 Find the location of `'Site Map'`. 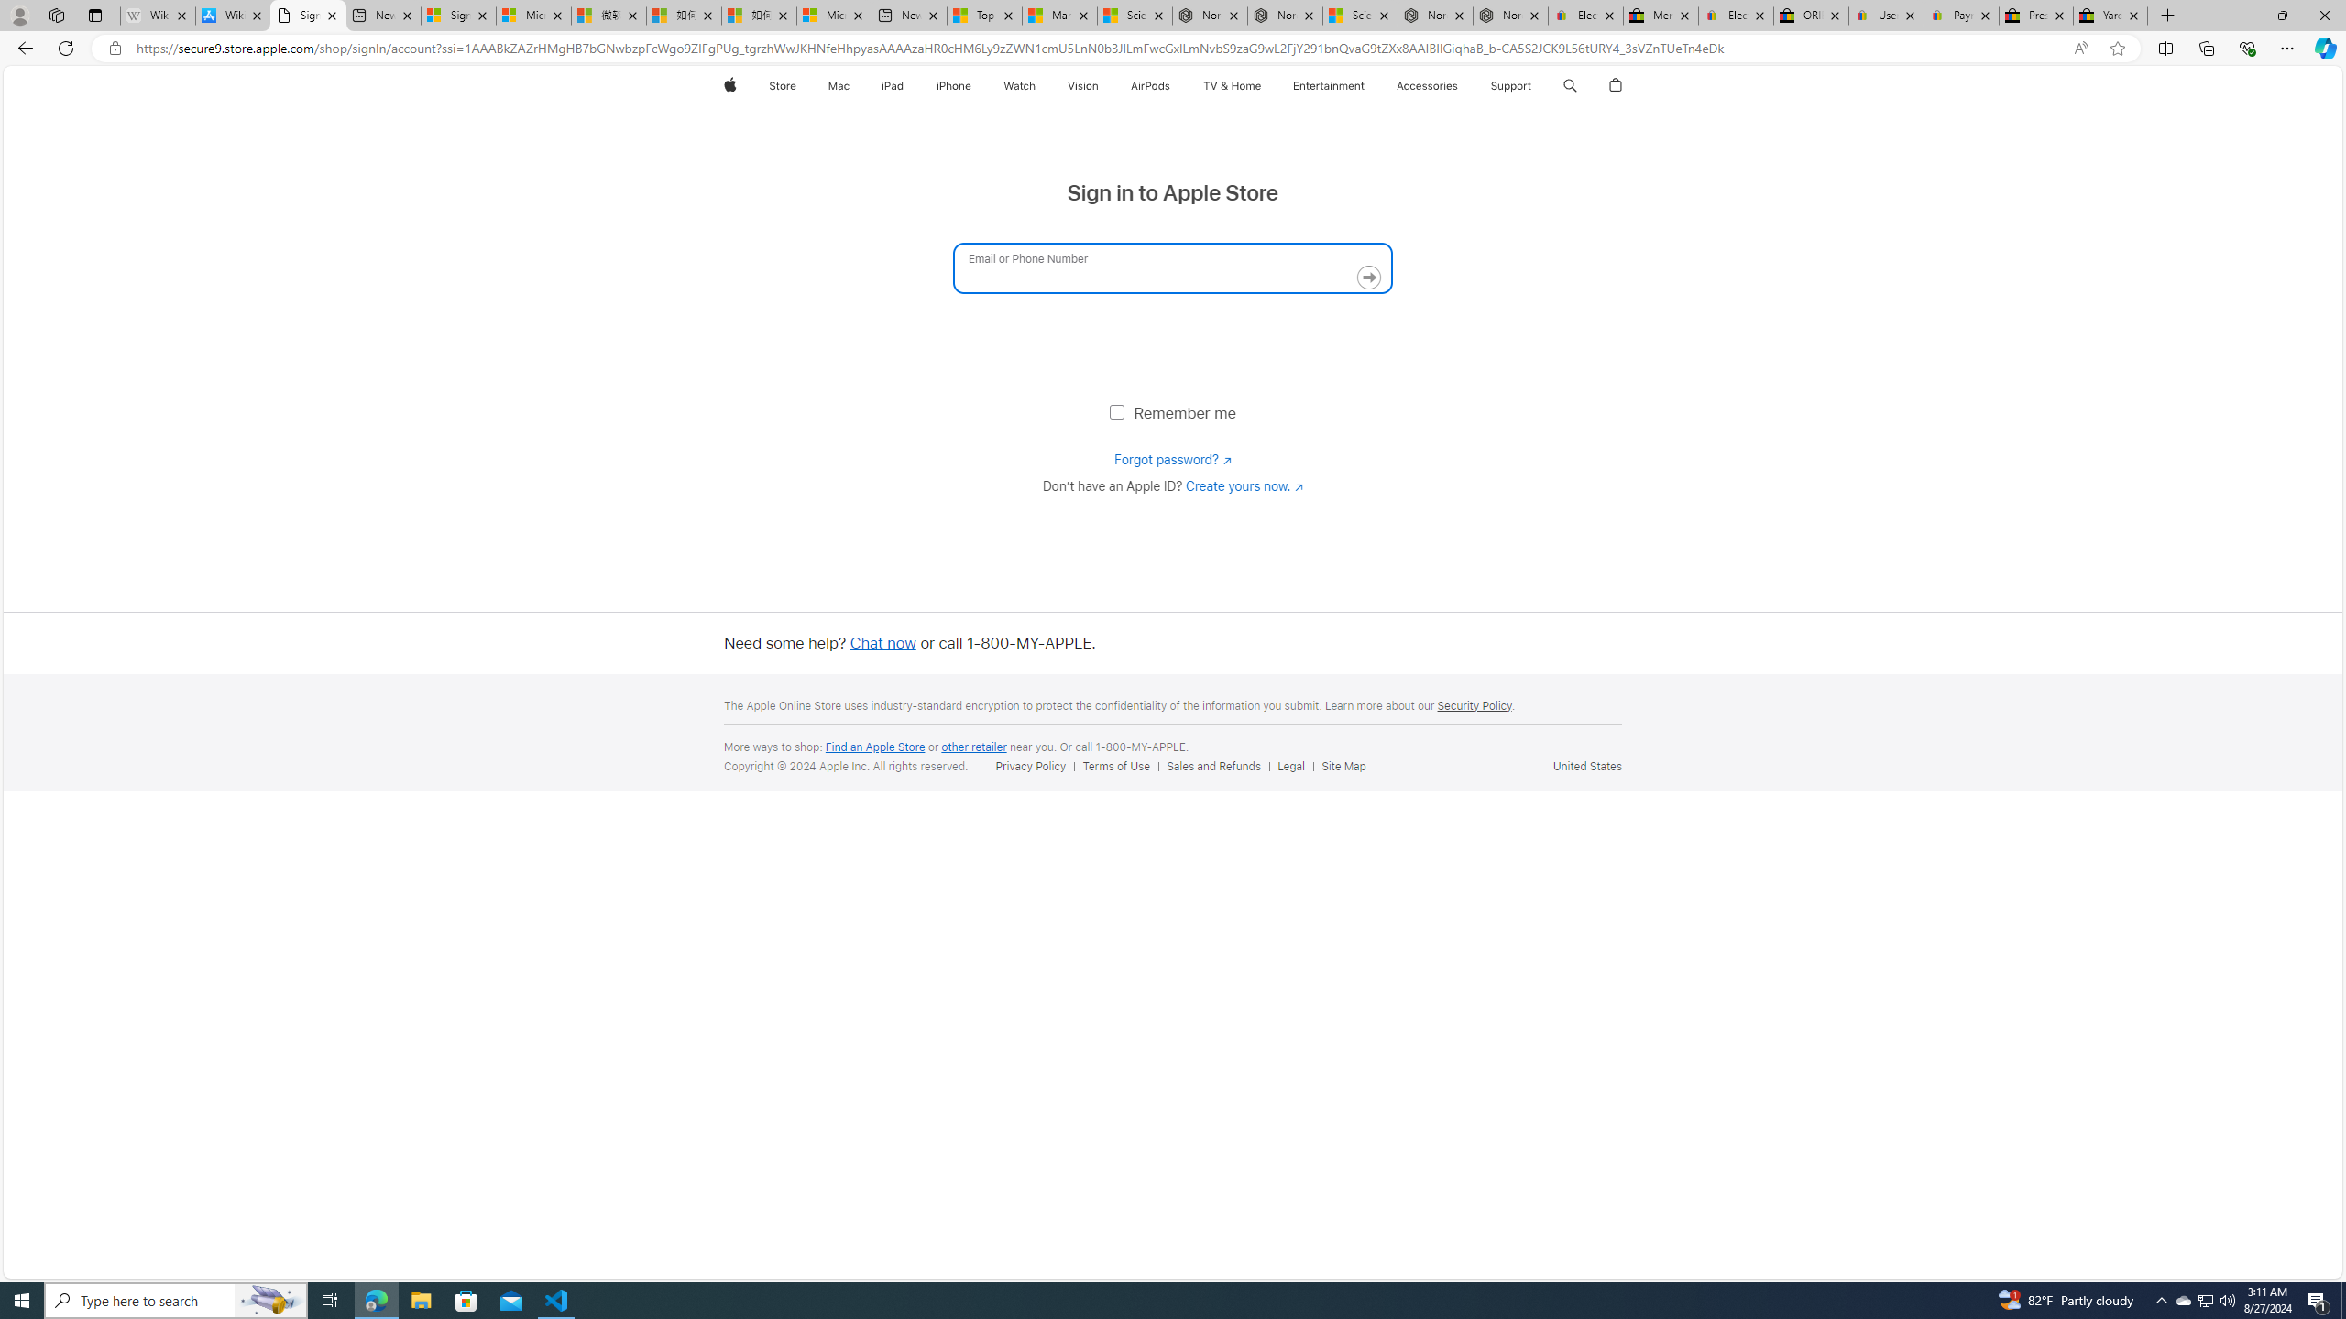

'Site Map' is located at coordinates (1346, 765).